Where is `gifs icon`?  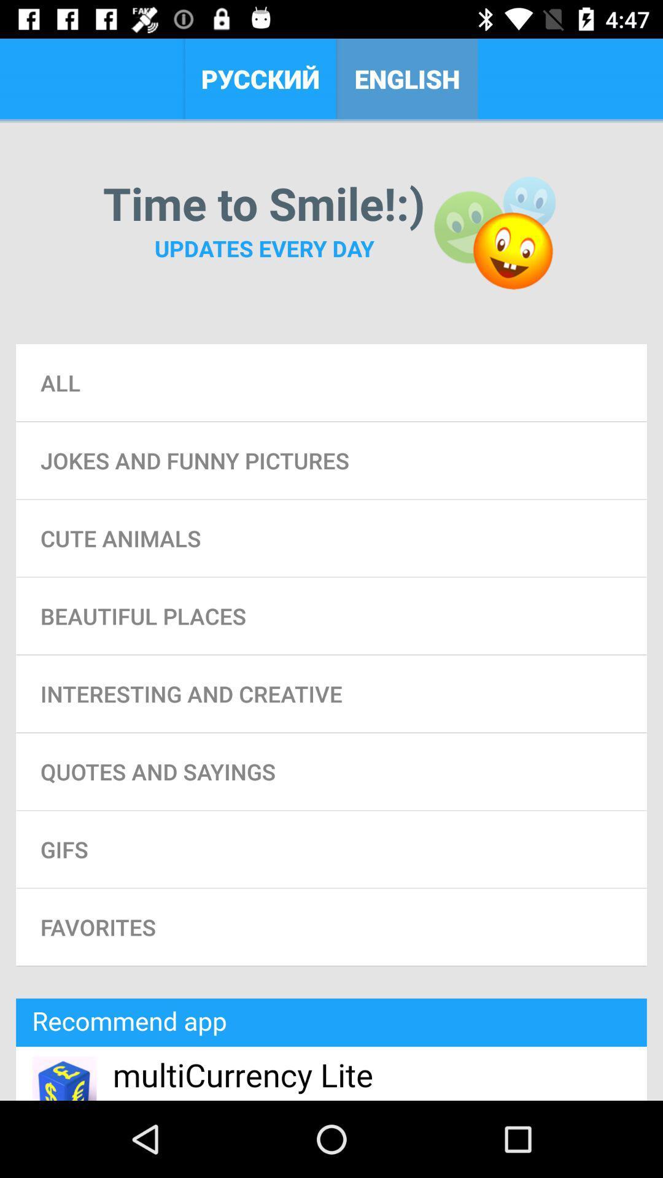 gifs icon is located at coordinates (331, 849).